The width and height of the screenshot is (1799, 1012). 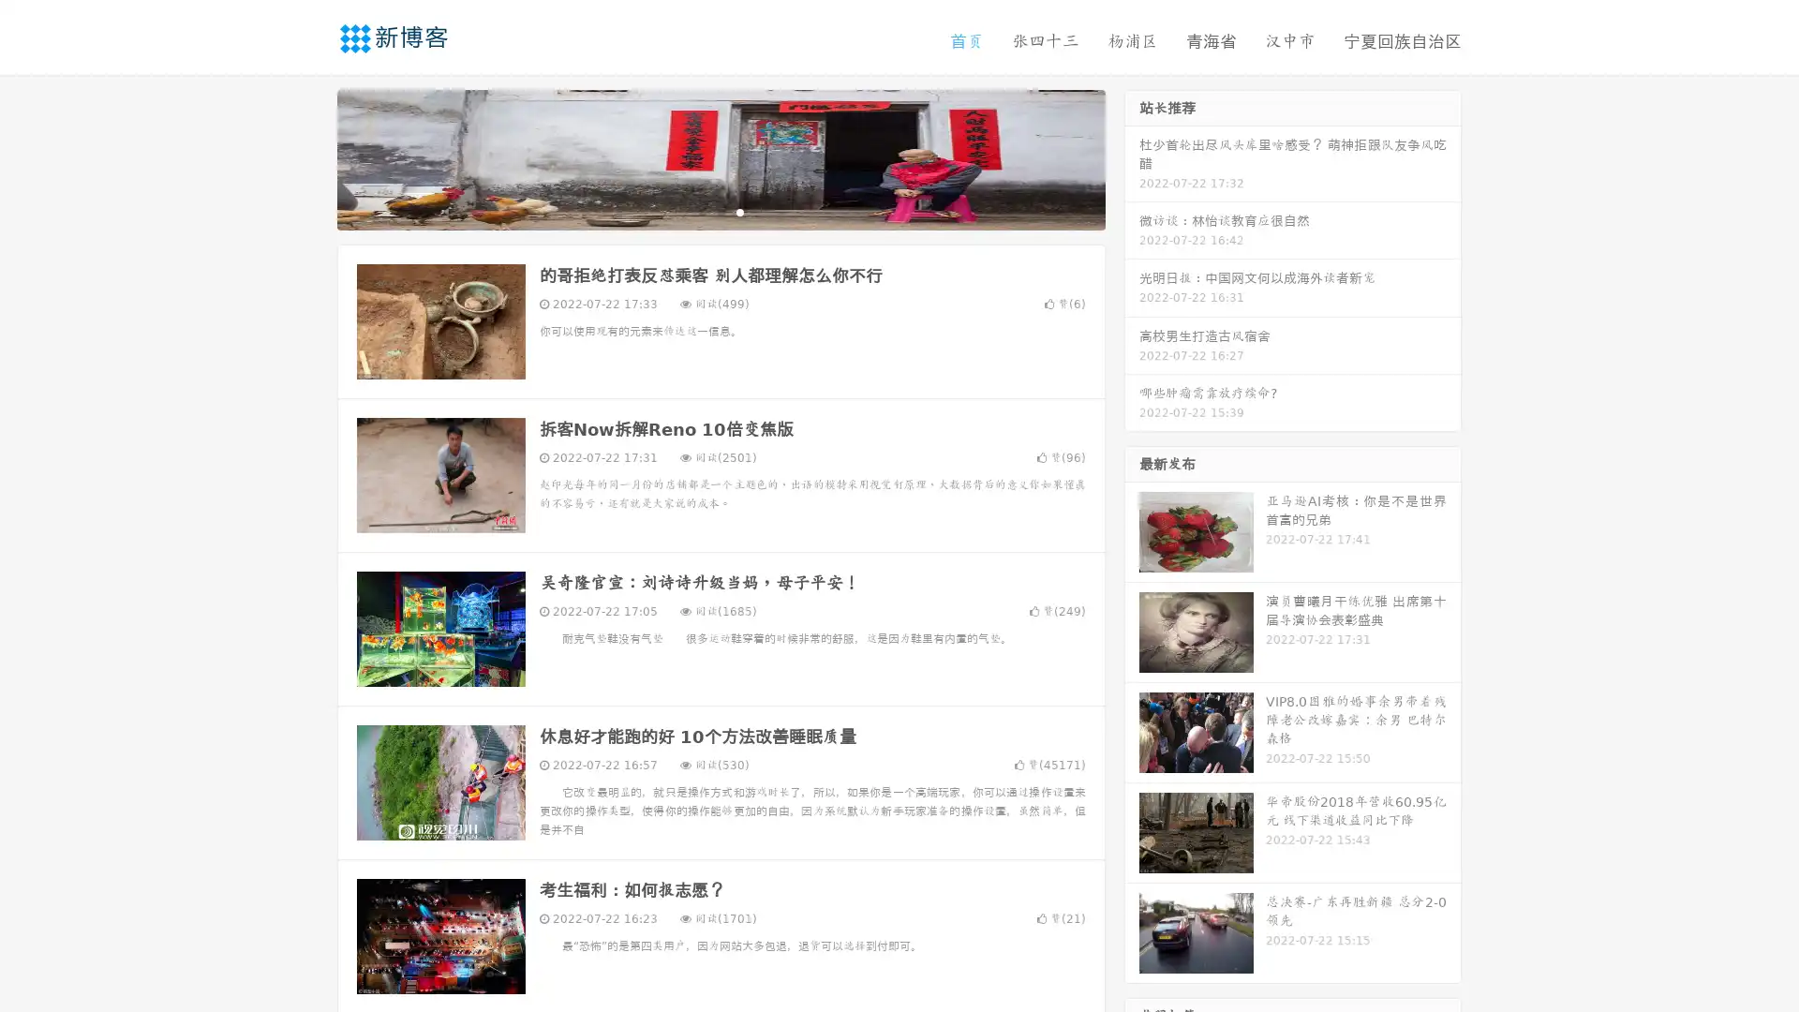 What do you see at coordinates (739, 211) in the screenshot?
I see `Go to slide 3` at bounding box center [739, 211].